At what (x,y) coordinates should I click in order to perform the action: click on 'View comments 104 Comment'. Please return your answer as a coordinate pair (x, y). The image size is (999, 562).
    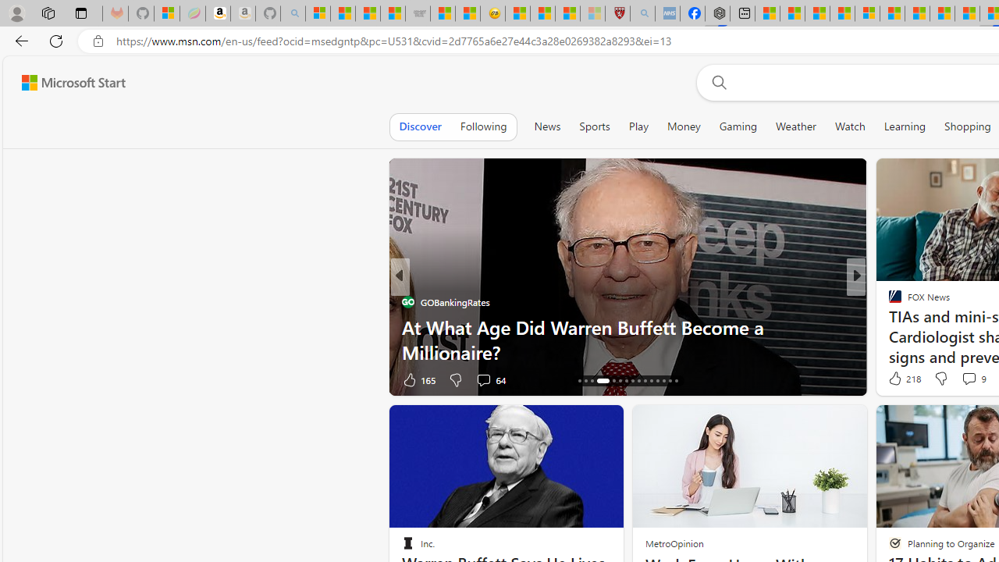
    Looking at the image, I should click on (973, 379).